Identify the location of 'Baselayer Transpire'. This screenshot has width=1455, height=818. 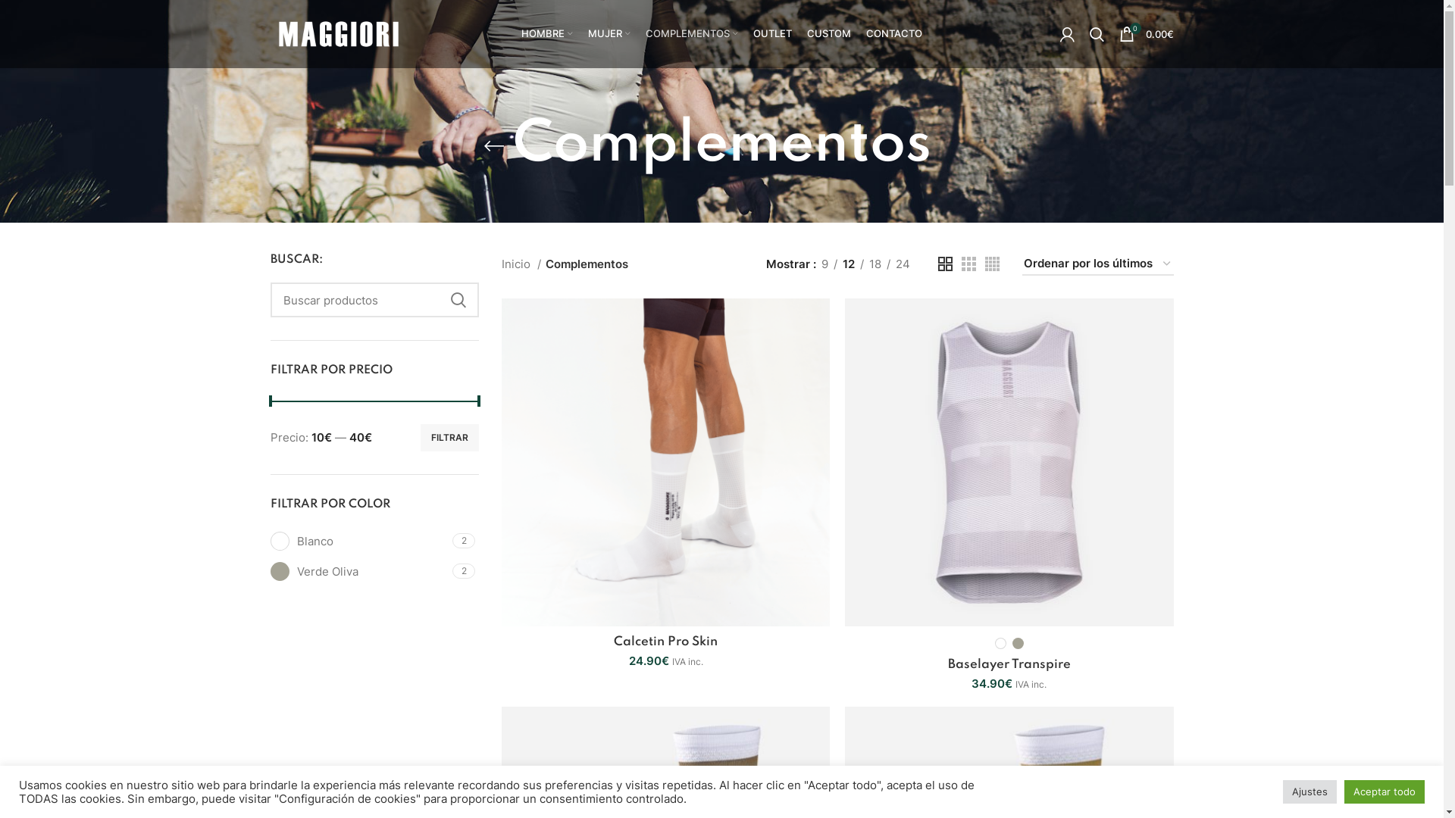
(947, 663).